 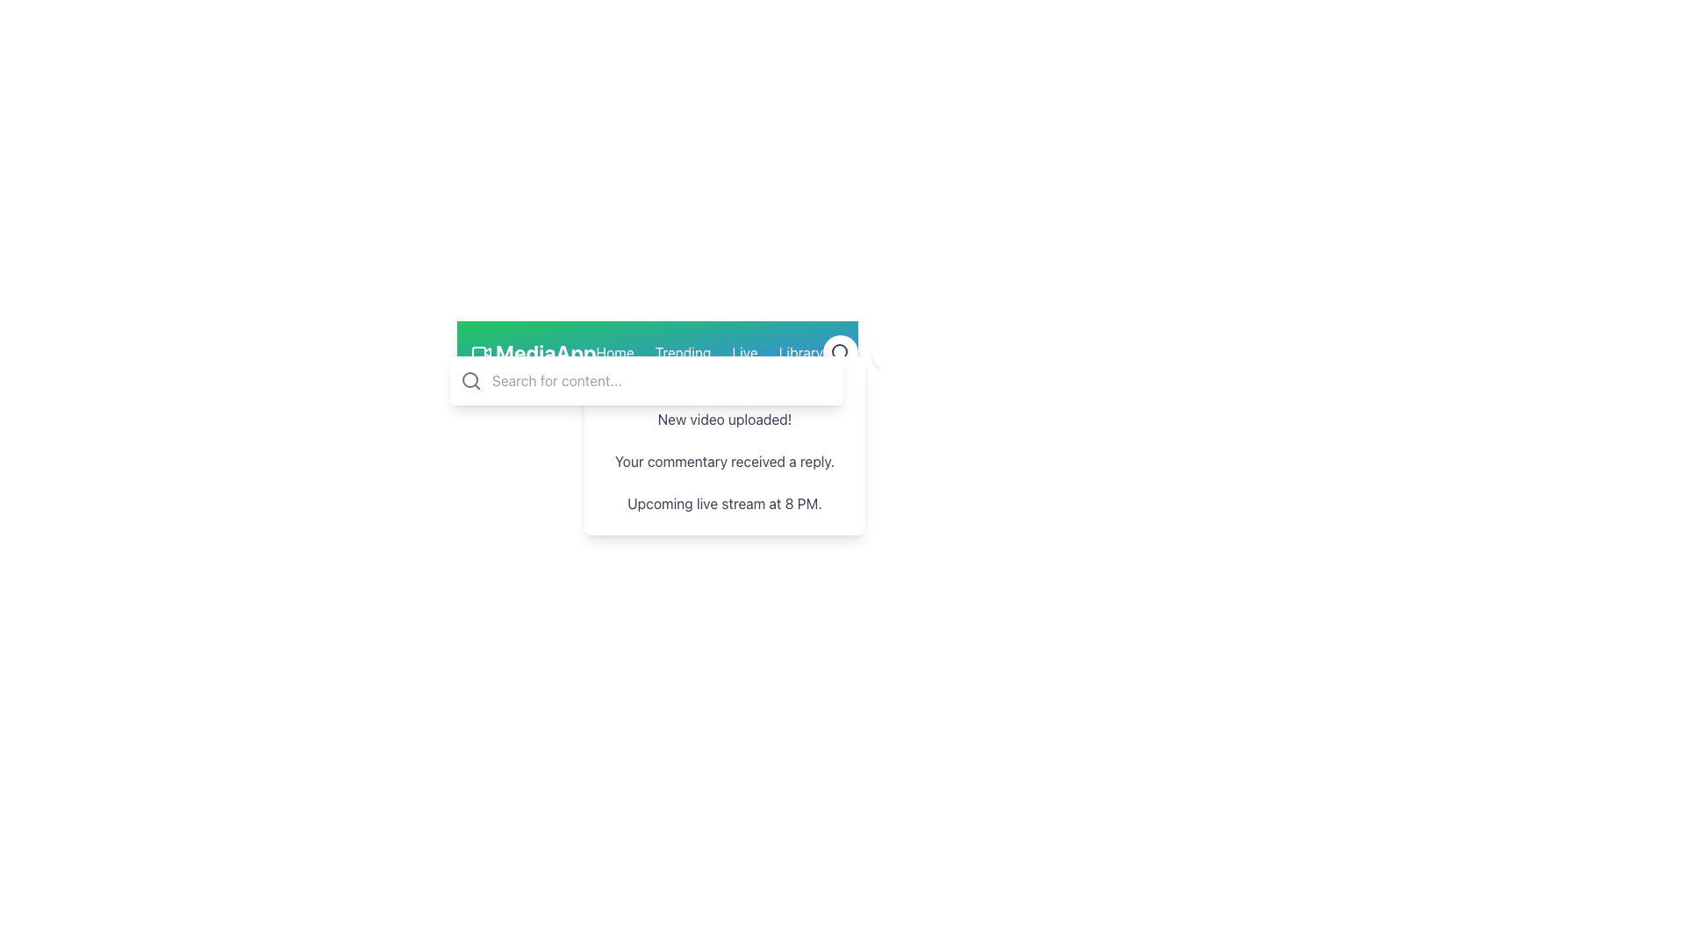 I want to click on the 'Trending' hyperlink in the navigation menu to underline it, so click(x=682, y=352).